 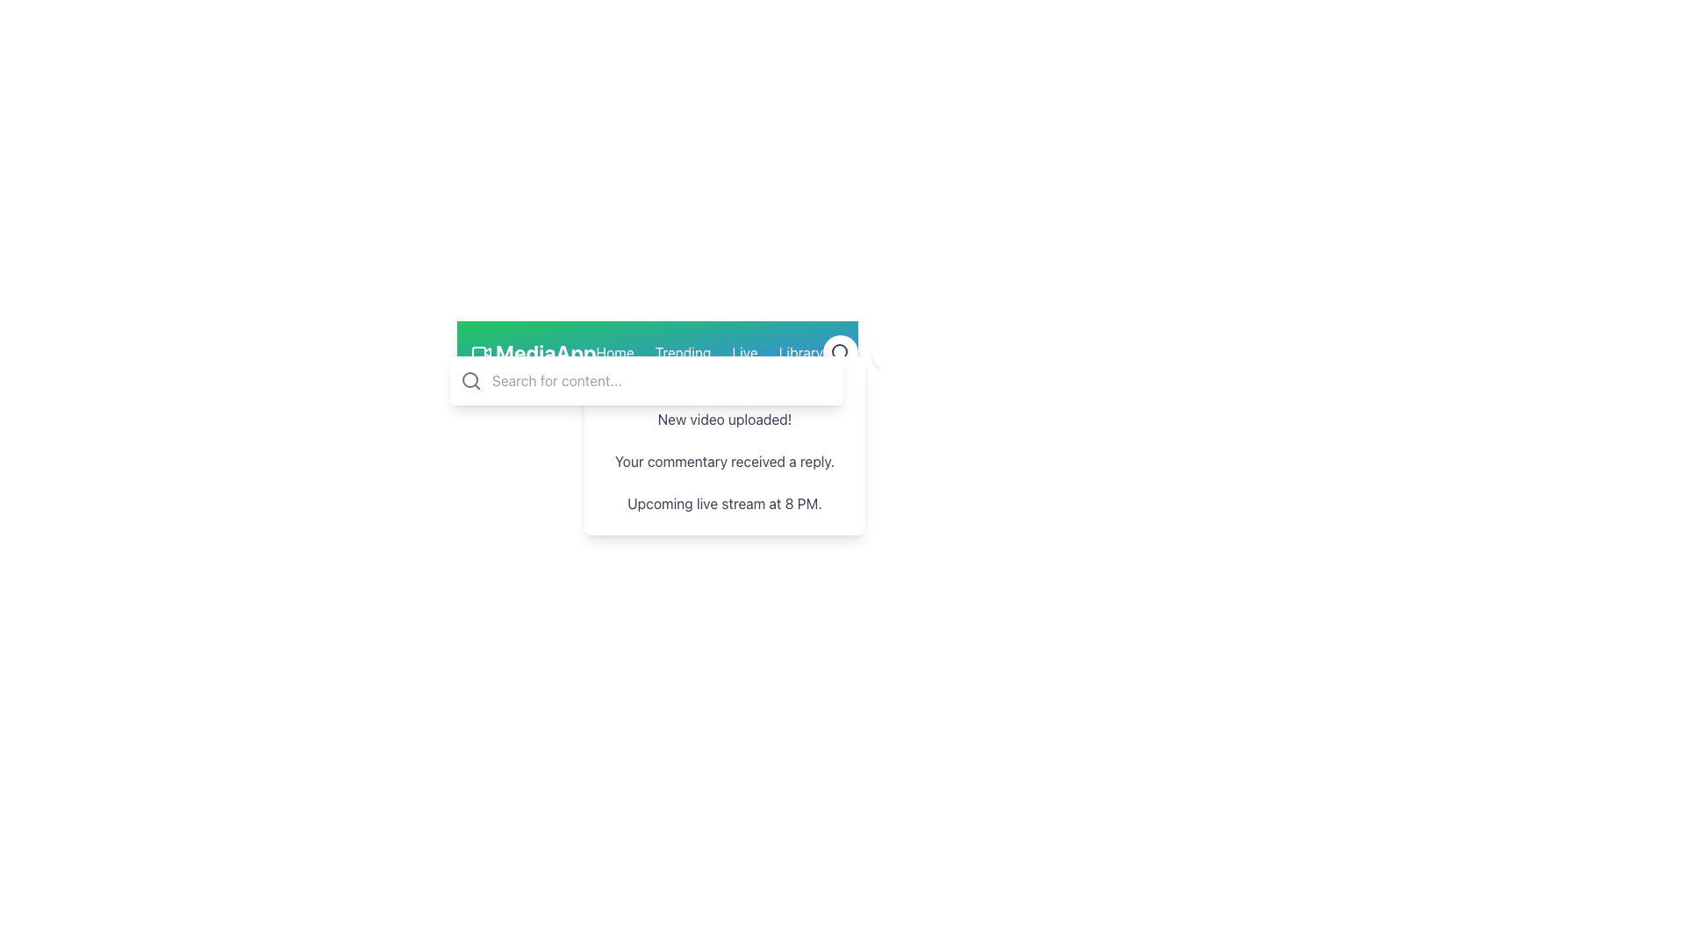 I want to click on the 'Trending' hyperlink in the navigation menu to underline it, so click(x=682, y=352).